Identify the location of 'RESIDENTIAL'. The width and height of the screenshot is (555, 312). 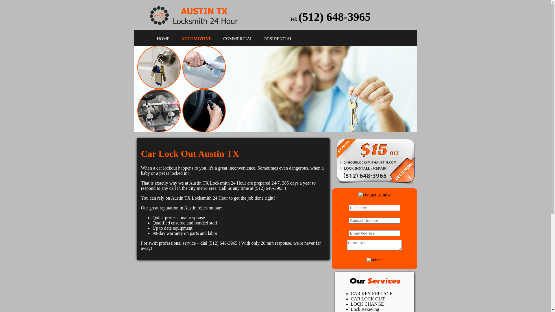
(278, 39).